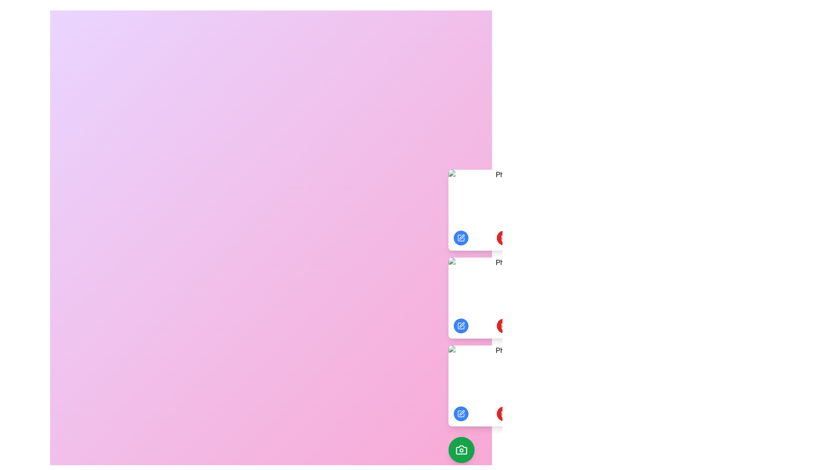 This screenshot has height=470, width=836. What do you see at coordinates (504, 238) in the screenshot?
I see `delete button under the photo labeled 'Photo 1' to delete it` at bounding box center [504, 238].